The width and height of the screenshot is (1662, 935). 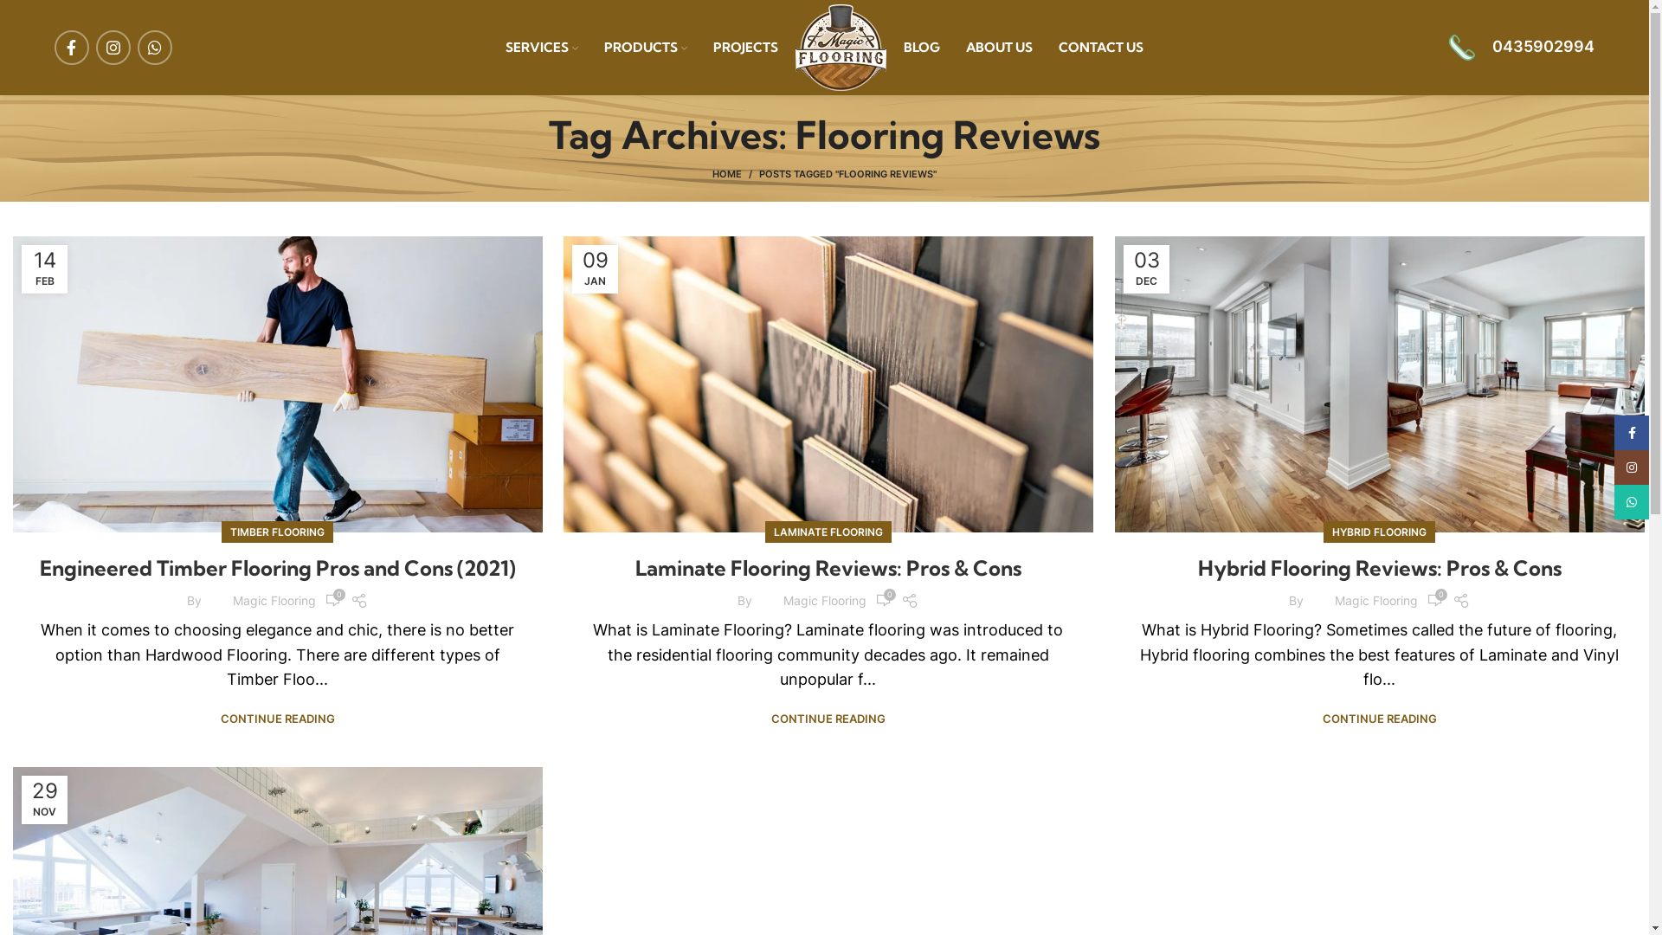 I want to click on '0', so click(x=332, y=600).